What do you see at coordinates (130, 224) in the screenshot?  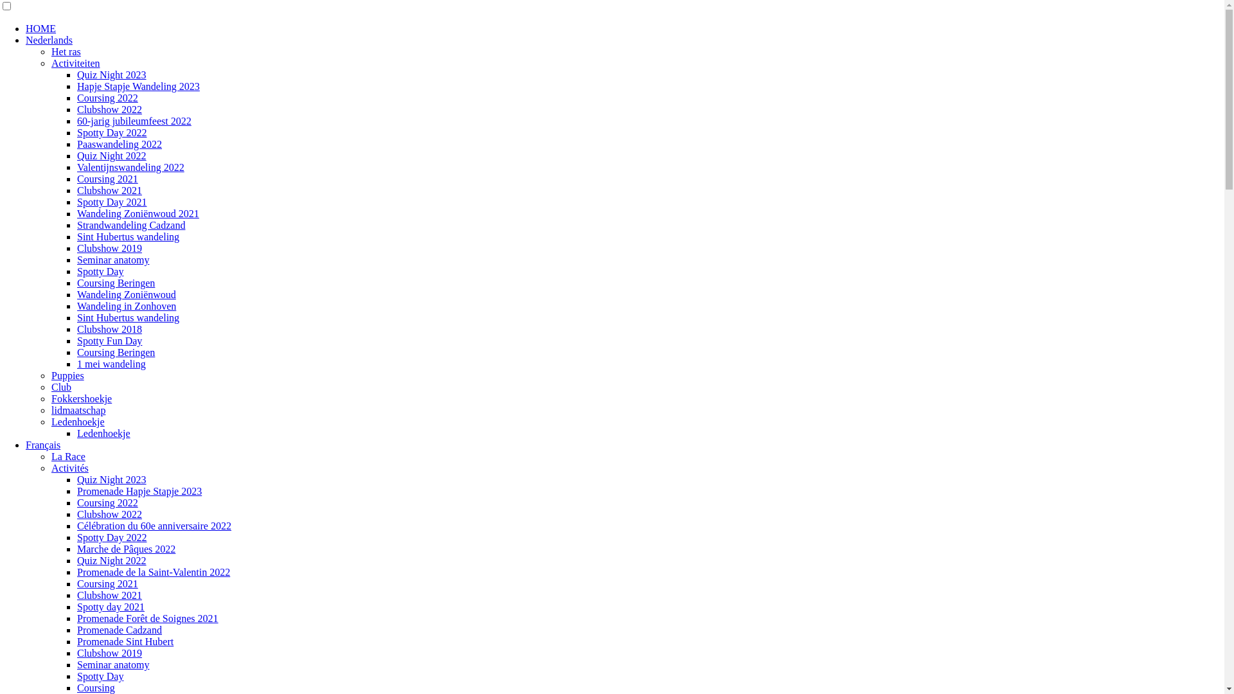 I see `'Strandwandeling Cadzand'` at bounding box center [130, 224].